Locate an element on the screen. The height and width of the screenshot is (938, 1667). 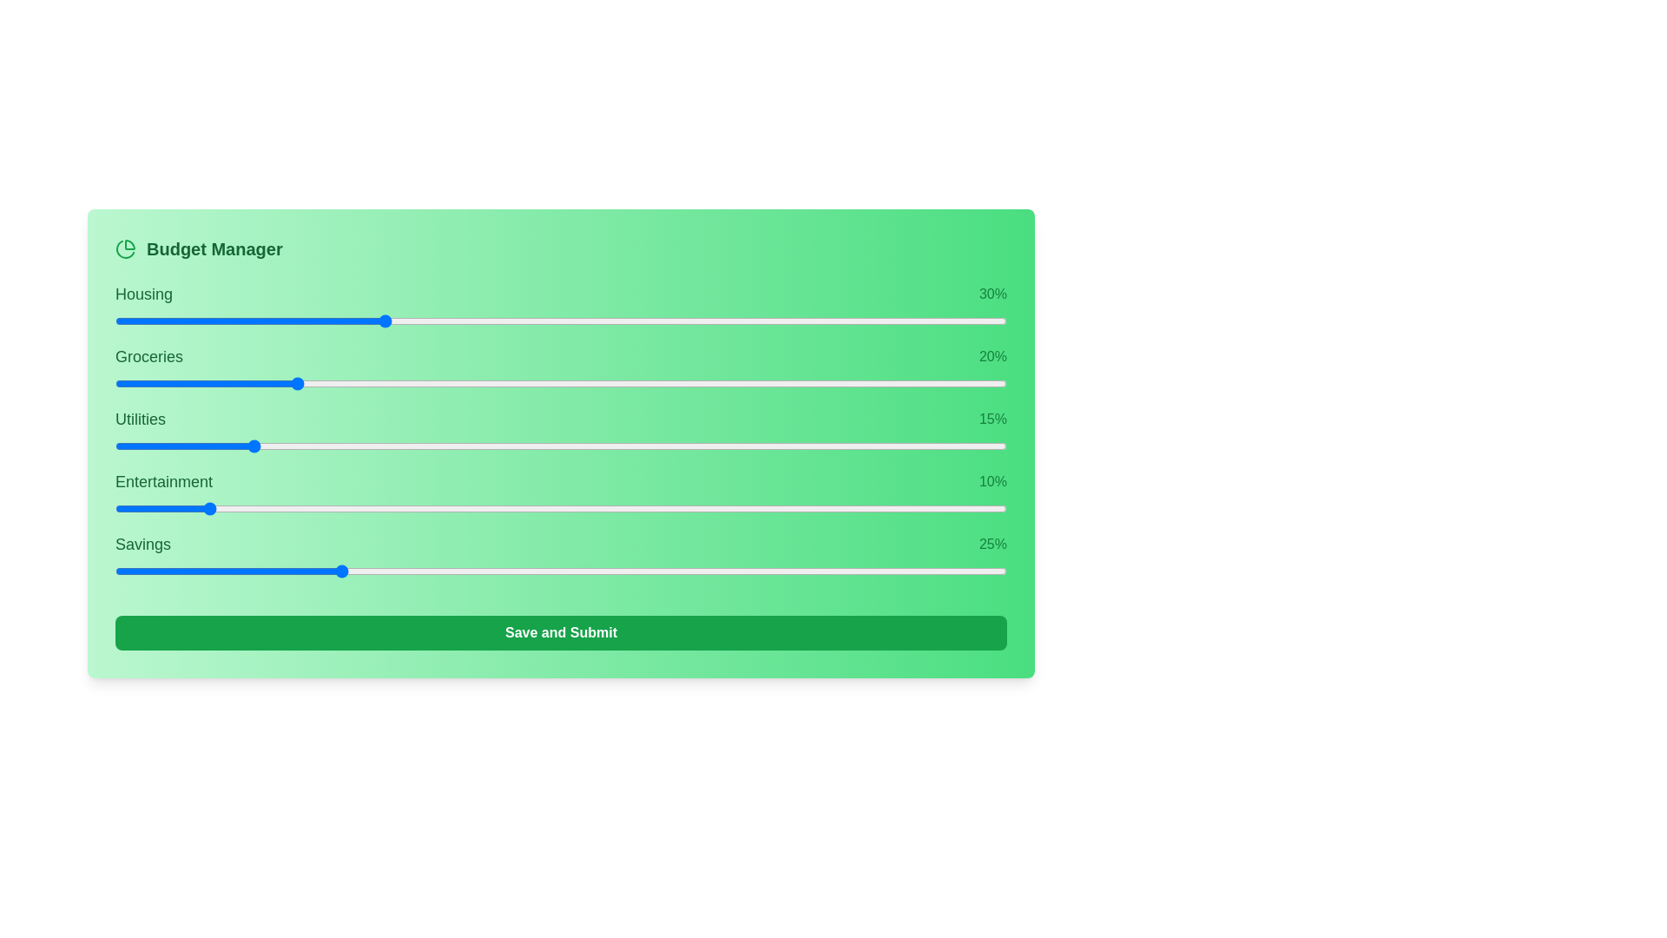
the slider for 2 to 47% allocation is located at coordinates (769, 445).